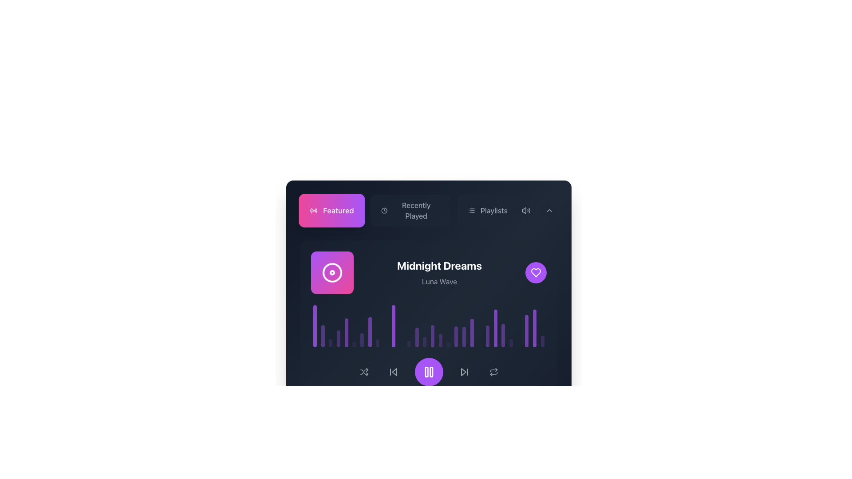 The height and width of the screenshot is (479, 852). What do you see at coordinates (331, 272) in the screenshot?
I see `the Animation Icon located in the top-left area of the interface` at bounding box center [331, 272].